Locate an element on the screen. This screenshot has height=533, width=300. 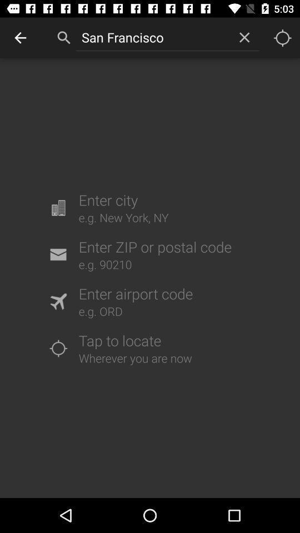
the image next to enter city is located at coordinates (58, 207).